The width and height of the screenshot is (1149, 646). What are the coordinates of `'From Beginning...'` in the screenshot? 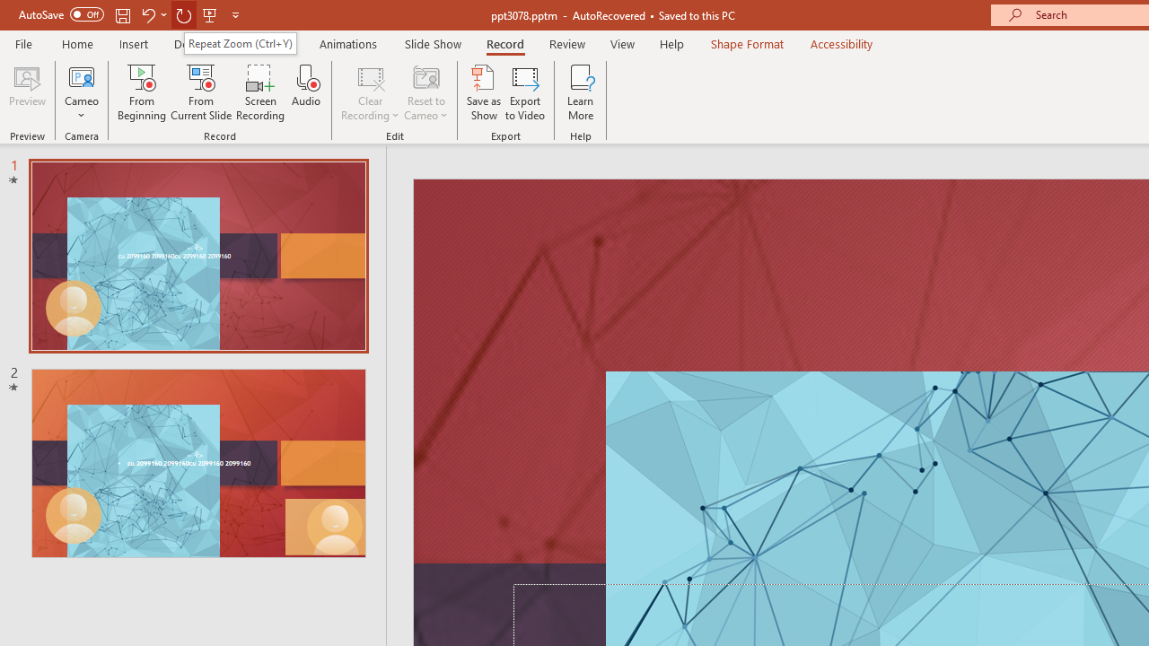 It's located at (141, 92).